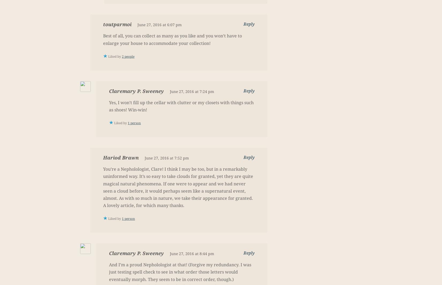 Image resolution: width=442 pixels, height=285 pixels. What do you see at coordinates (180, 272) in the screenshot?
I see `'And I’m  a proud Nepholologist at that! (Forgive my redundancy. I was just testing spell check to see in what order those letters  would eventually morph. They seem to be in correct order, though.)'` at bounding box center [180, 272].